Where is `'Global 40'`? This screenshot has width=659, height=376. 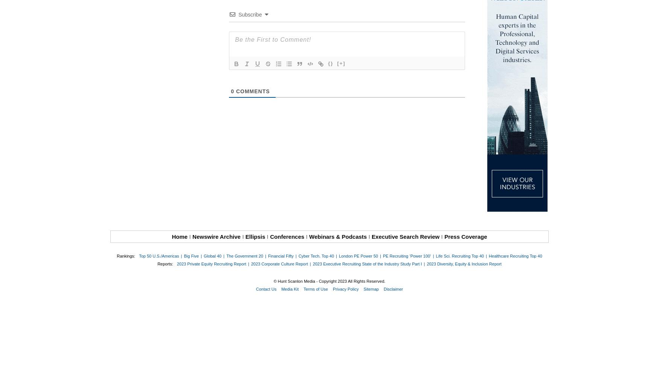
'Global 40' is located at coordinates (212, 256).